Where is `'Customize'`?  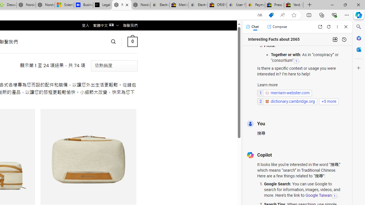
'Customize' is located at coordinates (358, 68).